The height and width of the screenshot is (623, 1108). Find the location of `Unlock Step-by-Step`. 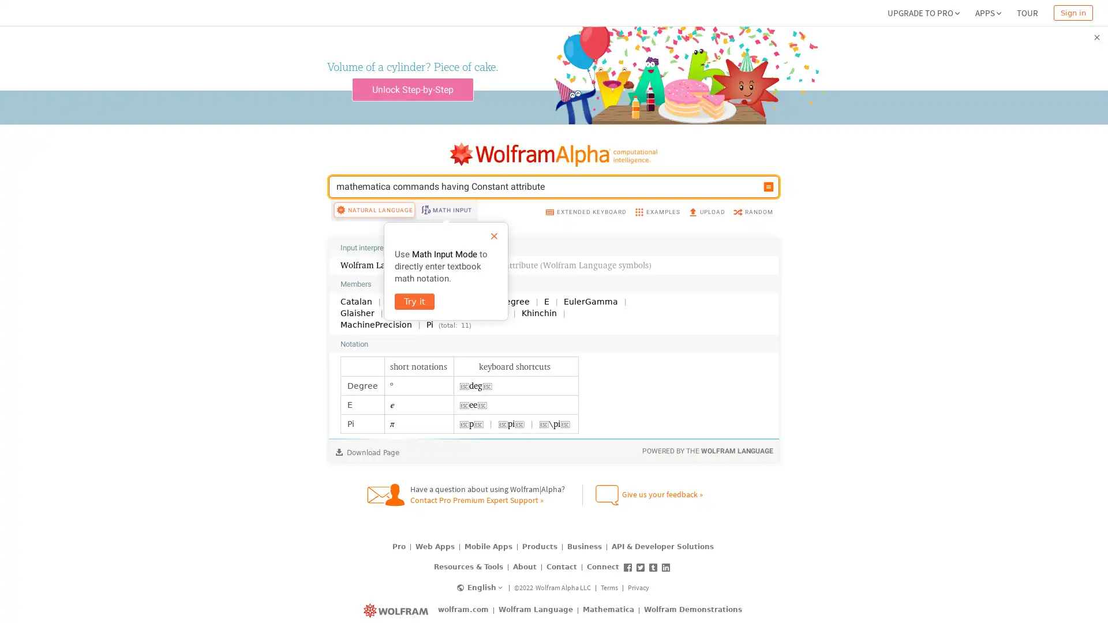

Unlock Step-by-Step is located at coordinates (412, 89).